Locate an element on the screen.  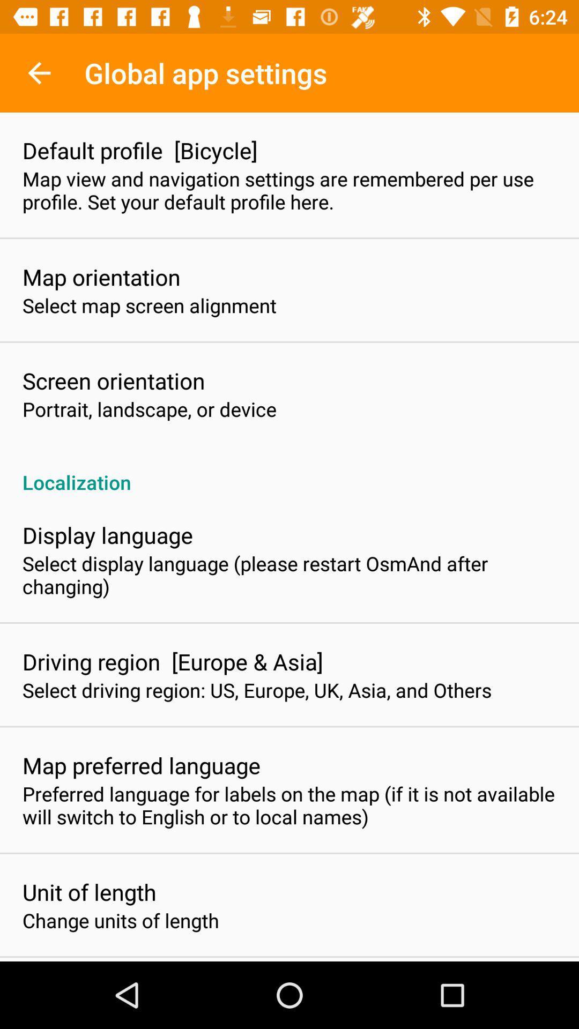
the localization is located at coordinates (289, 471).